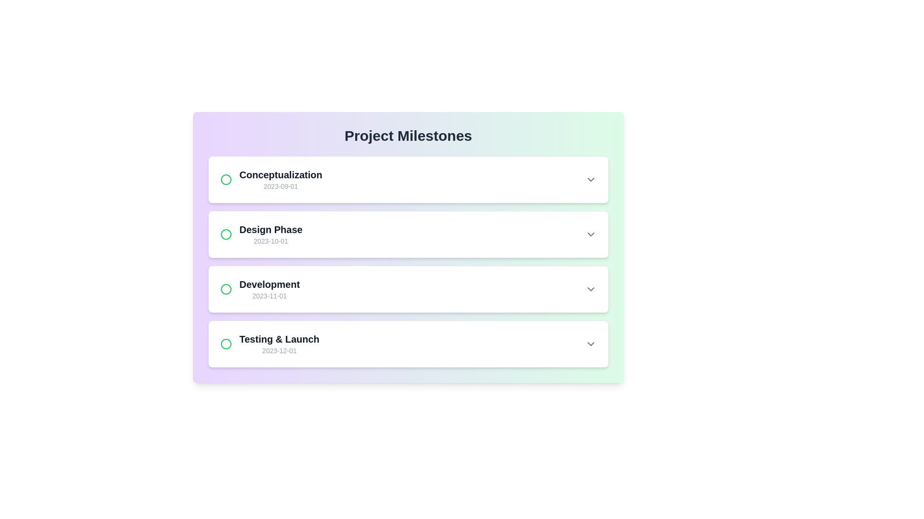  I want to click on the '2023-11-01' date below the 'Development' milestone in the list, so click(260, 288).